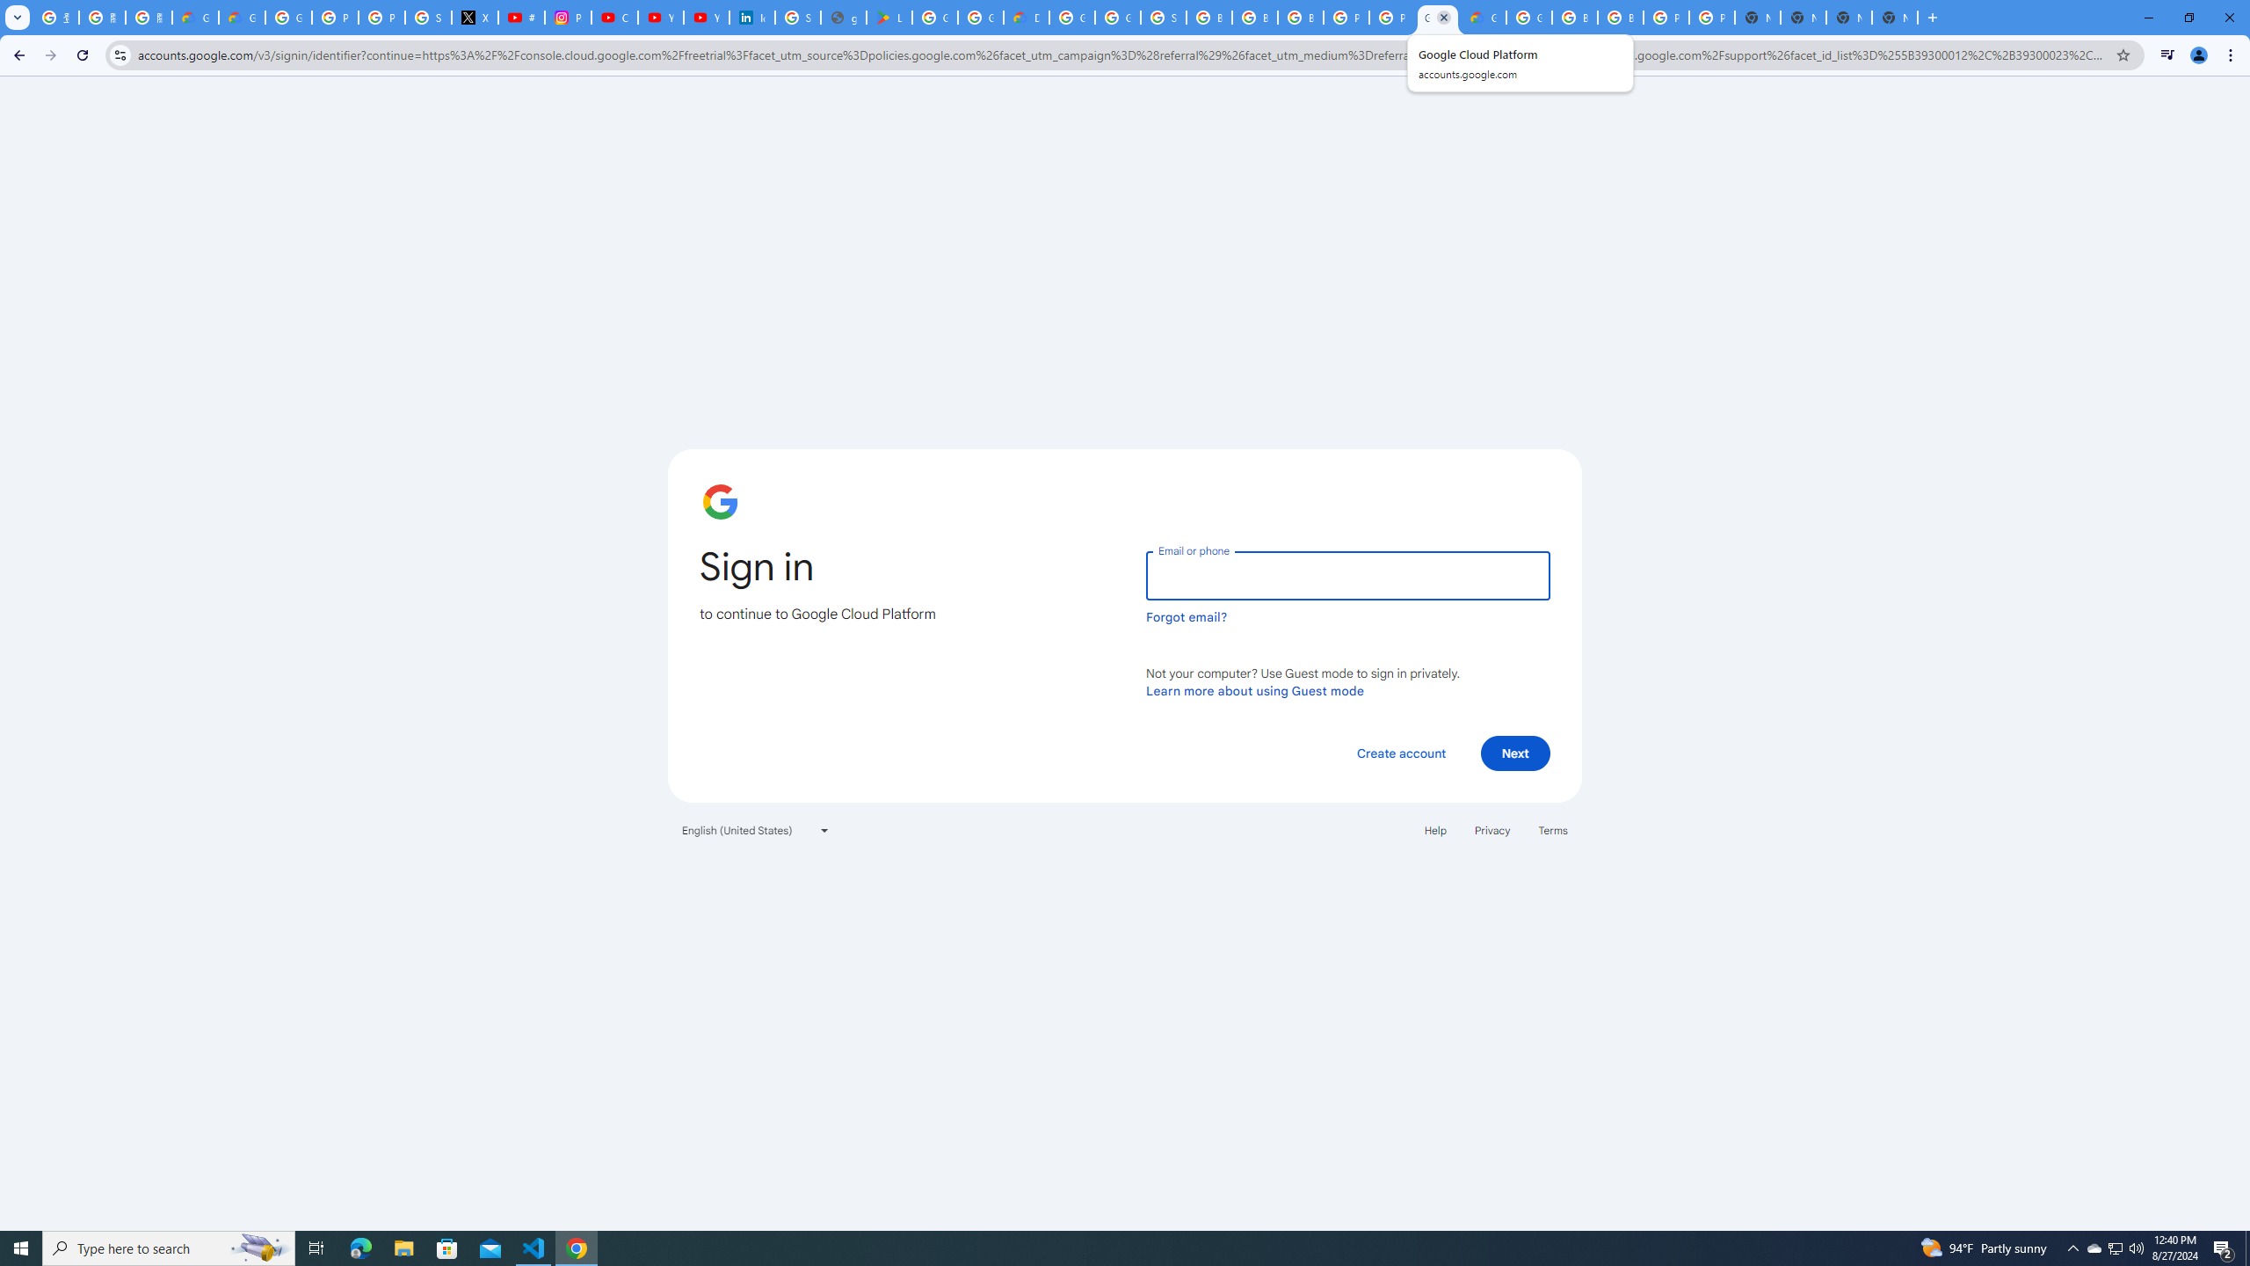 The image size is (2250, 1266). Describe the element at coordinates (427, 17) in the screenshot. I see `'Sign in - Google Accounts'` at that location.